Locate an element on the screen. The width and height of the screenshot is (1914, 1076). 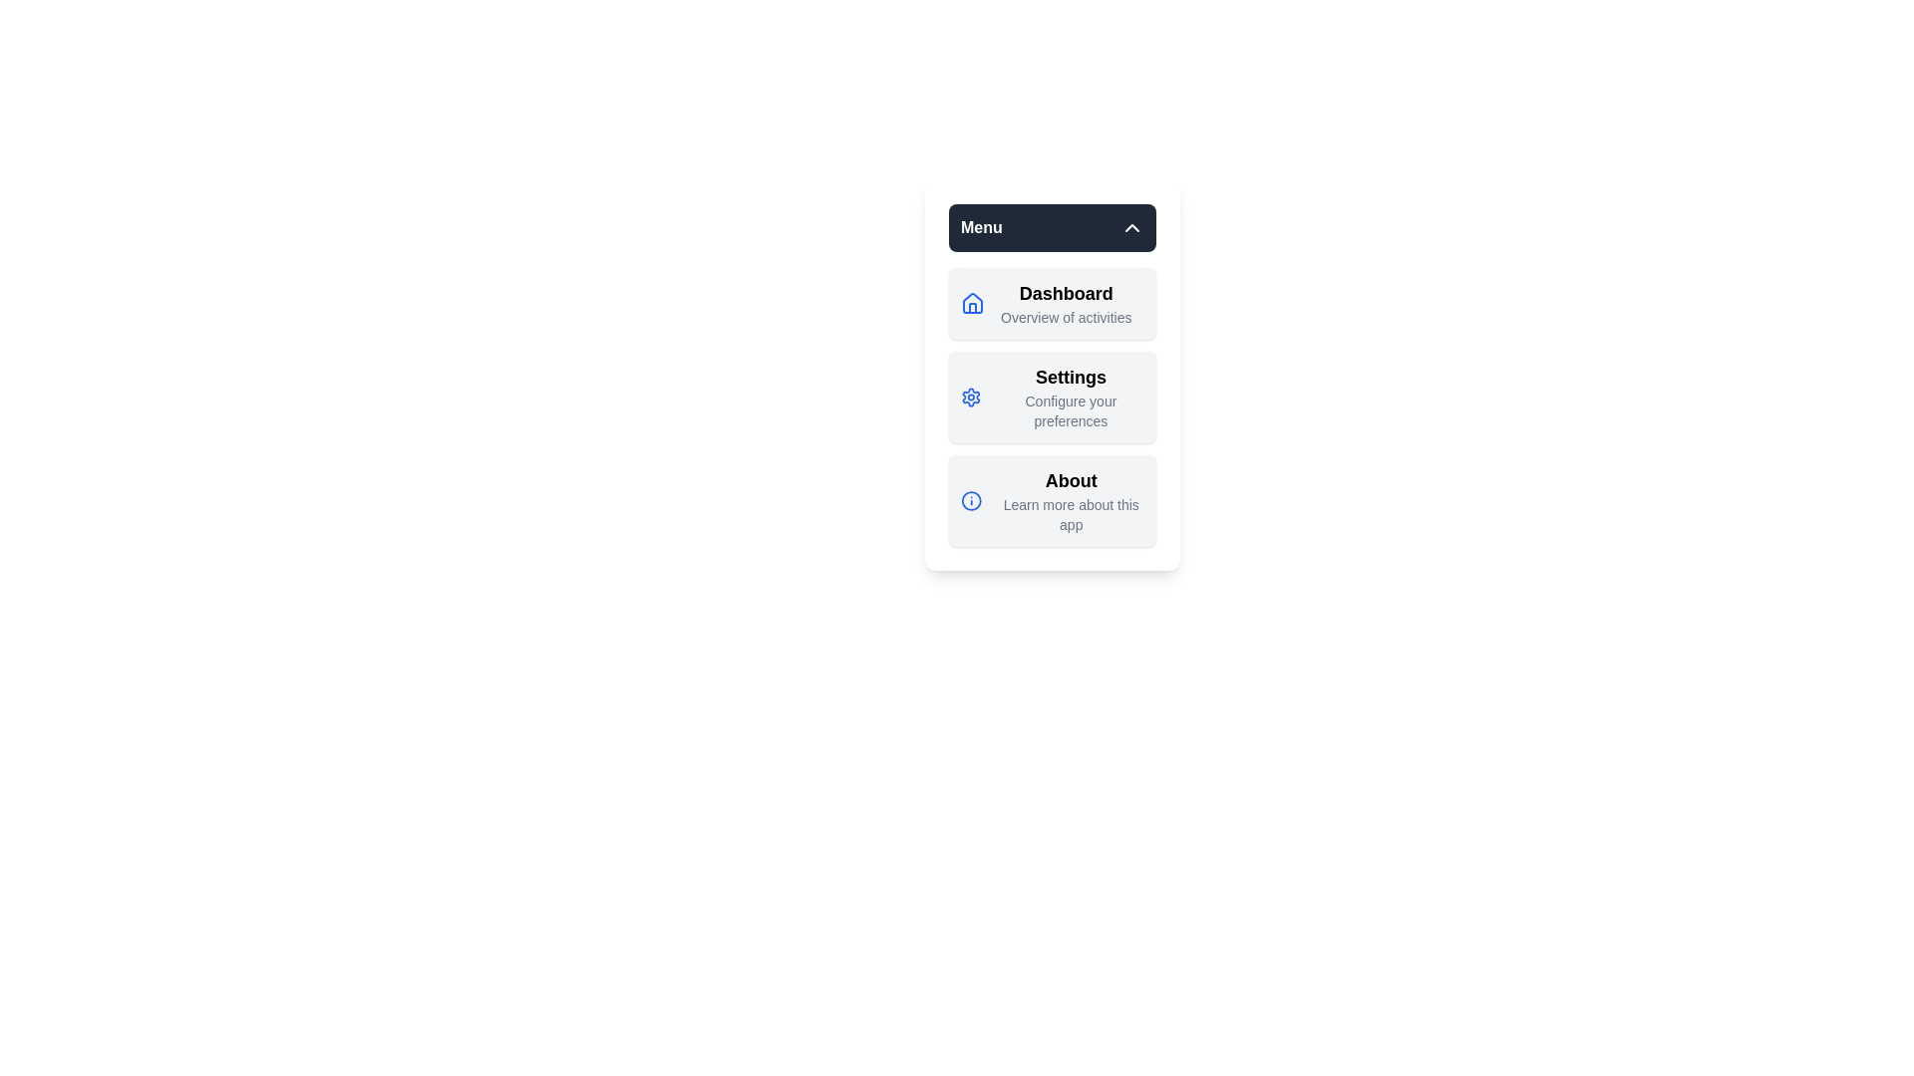
the menu item icon corresponding to Dashboard is located at coordinates (972, 303).